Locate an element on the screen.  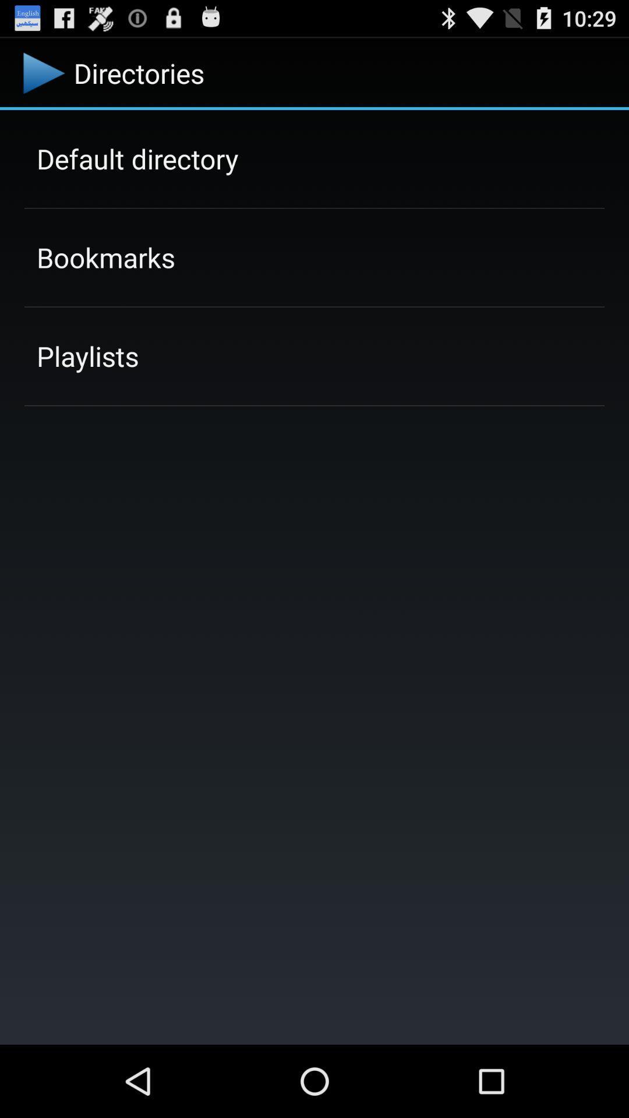
the app above the bookmarks item is located at coordinates (137, 158).